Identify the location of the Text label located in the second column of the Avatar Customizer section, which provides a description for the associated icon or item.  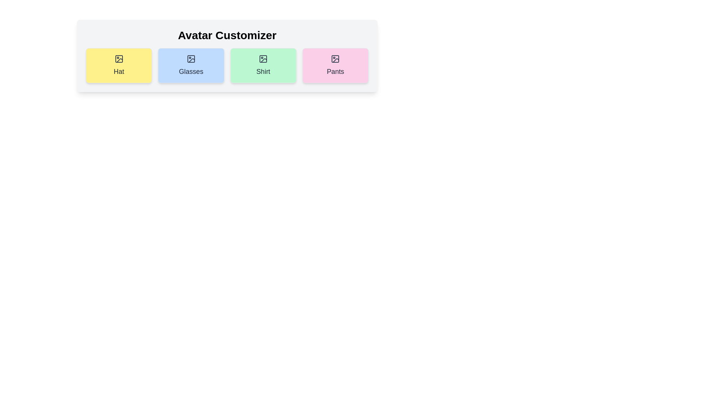
(191, 72).